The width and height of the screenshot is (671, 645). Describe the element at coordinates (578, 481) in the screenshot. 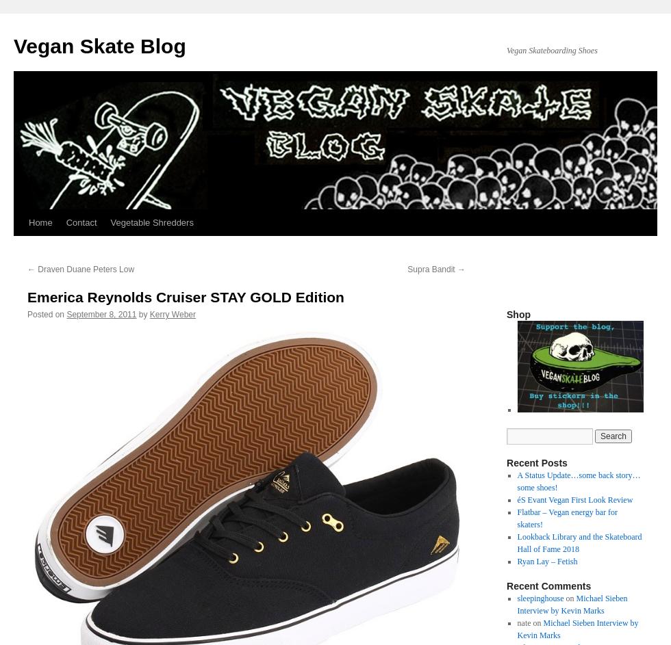

I see `'A Status Update…some back story…some shoes!'` at that location.